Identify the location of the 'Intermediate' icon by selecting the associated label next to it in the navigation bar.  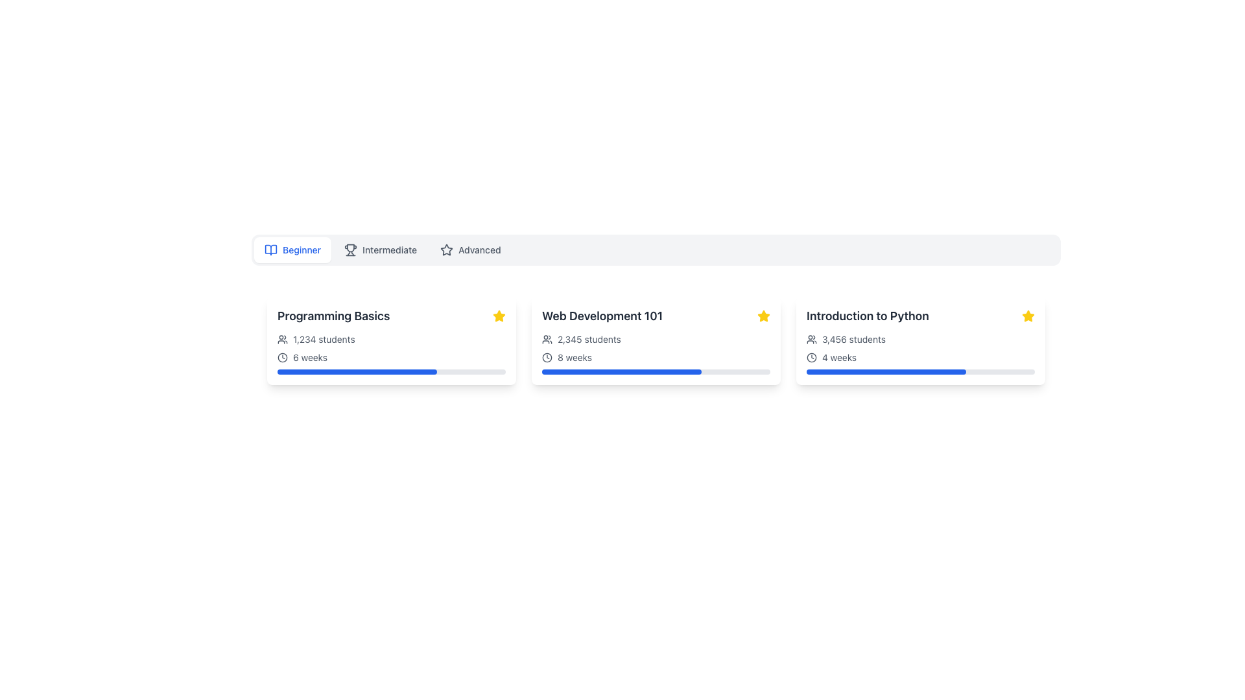
(351, 250).